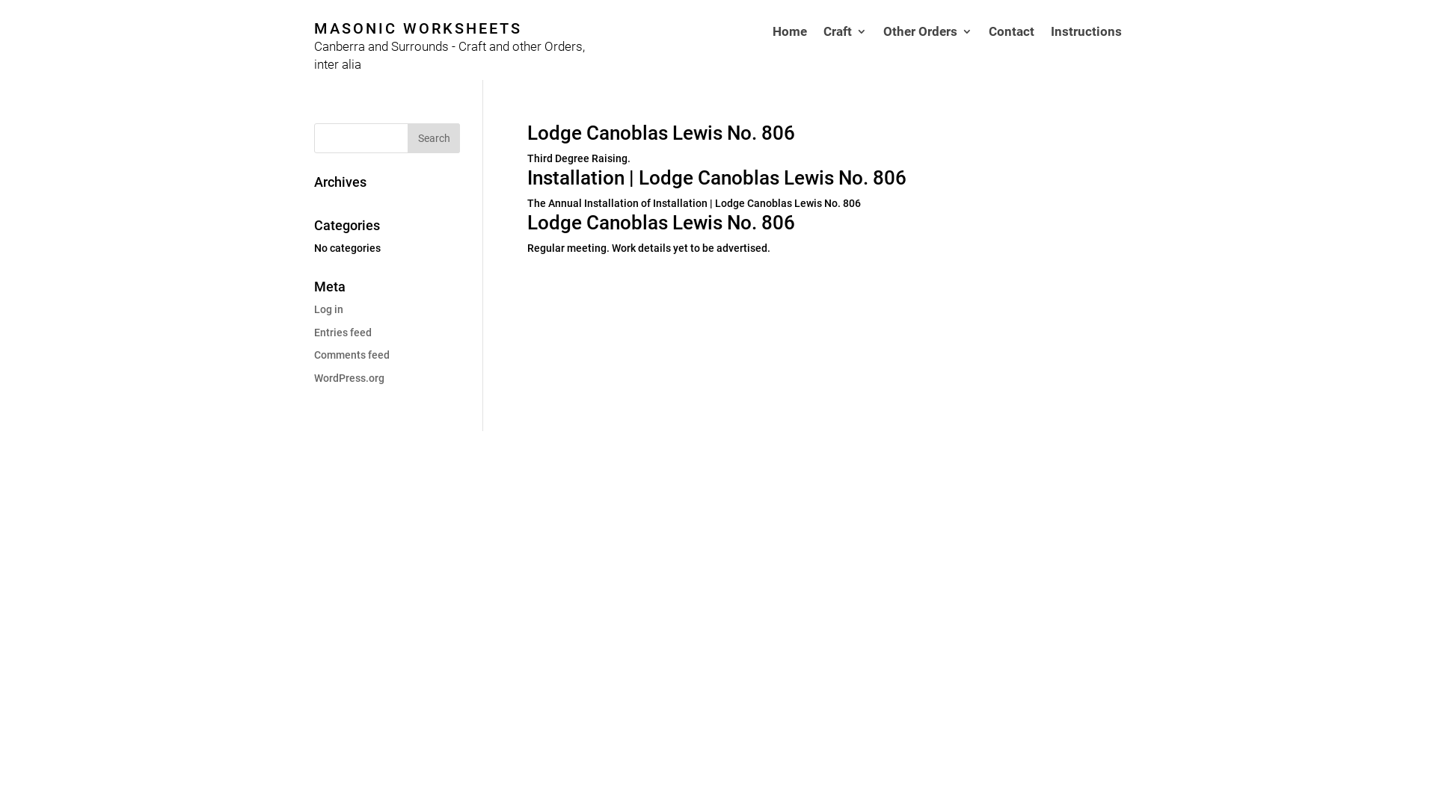 This screenshot has width=1436, height=807. What do you see at coordinates (927, 52) in the screenshot?
I see `'Other Orders'` at bounding box center [927, 52].